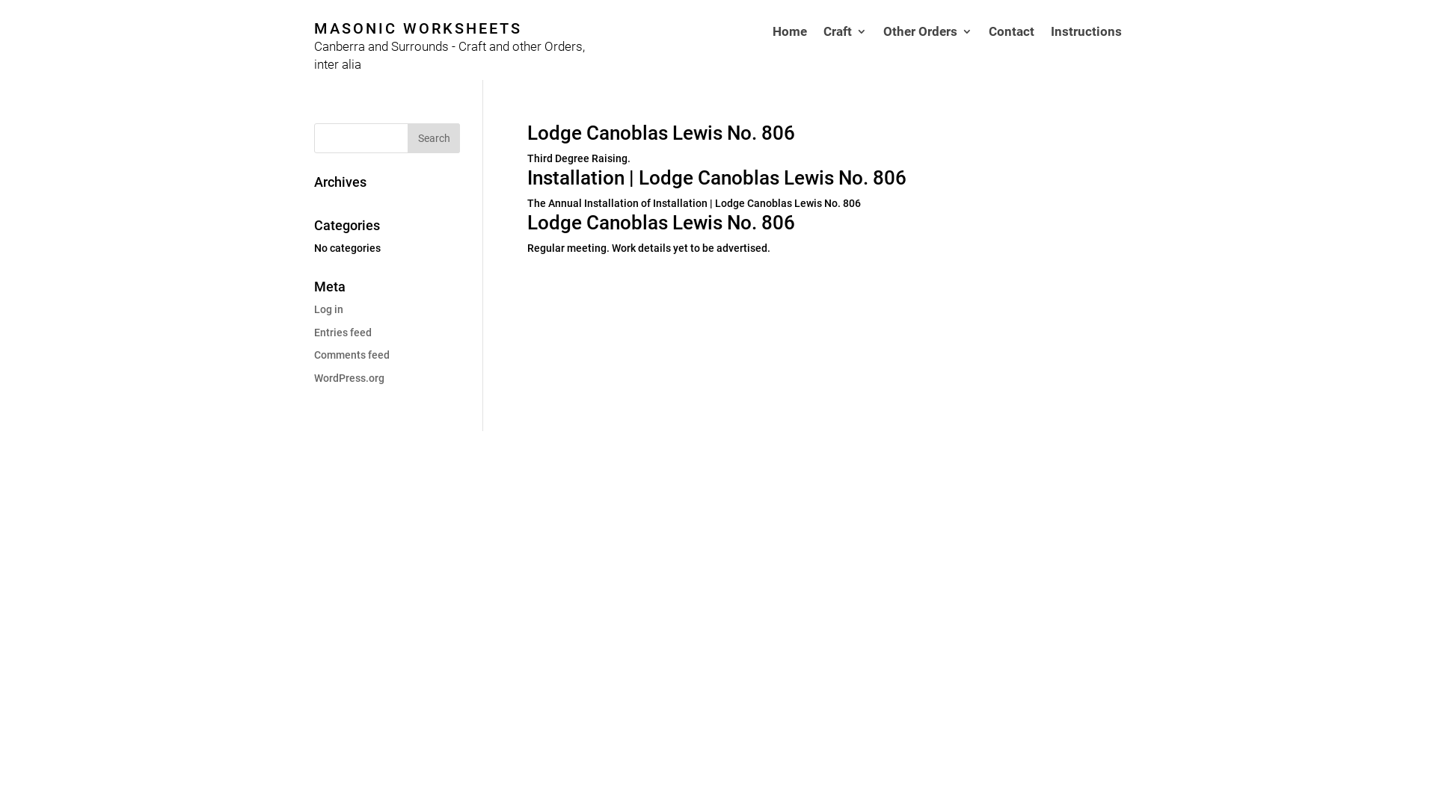 This screenshot has width=1436, height=807. What do you see at coordinates (927, 52) in the screenshot?
I see `'Other Orders'` at bounding box center [927, 52].